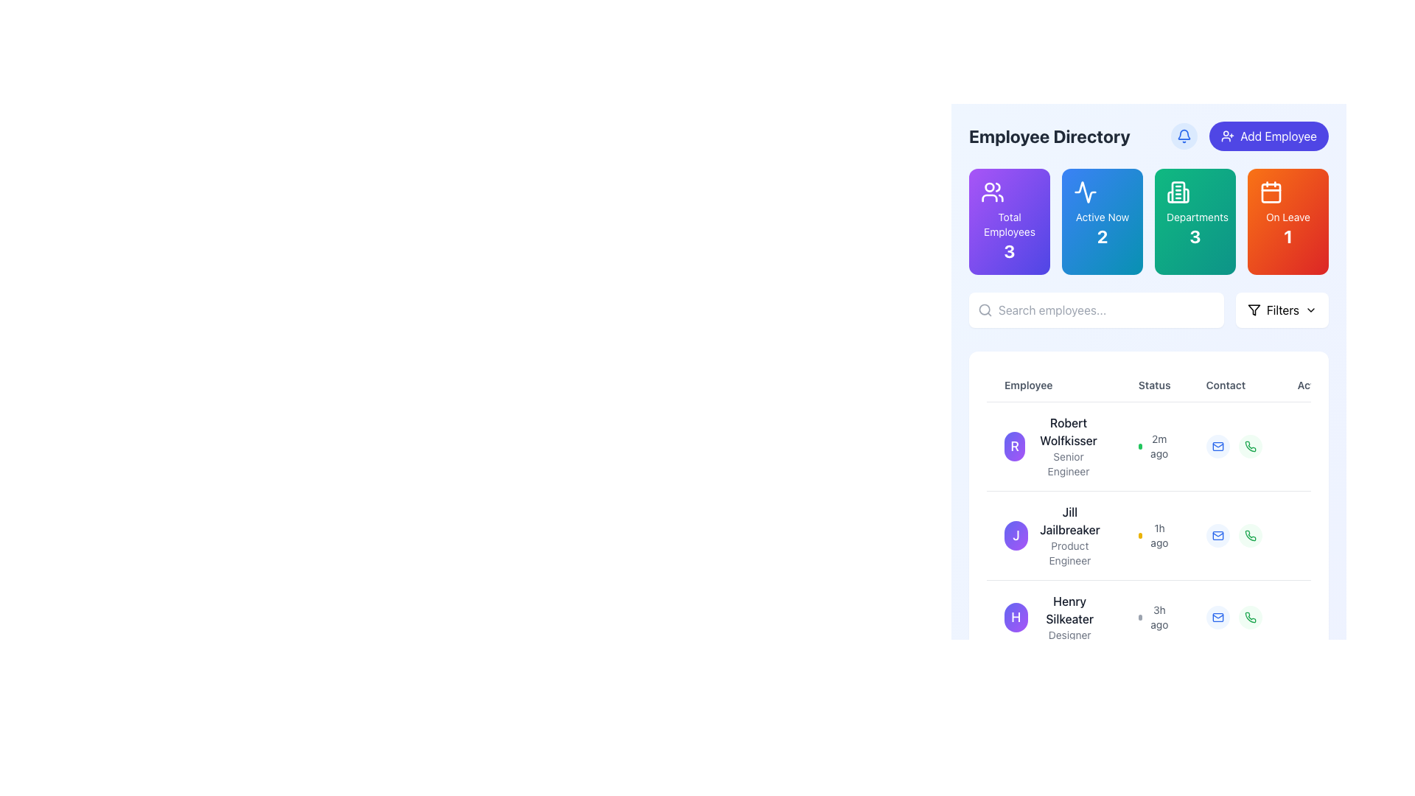 The height and width of the screenshot is (796, 1415). Describe the element at coordinates (1159, 445) in the screenshot. I see `the timestamp text label indicating the recency of activity related to employee 'Robert Wolfkisser', positioned under the 'Status' column` at that location.